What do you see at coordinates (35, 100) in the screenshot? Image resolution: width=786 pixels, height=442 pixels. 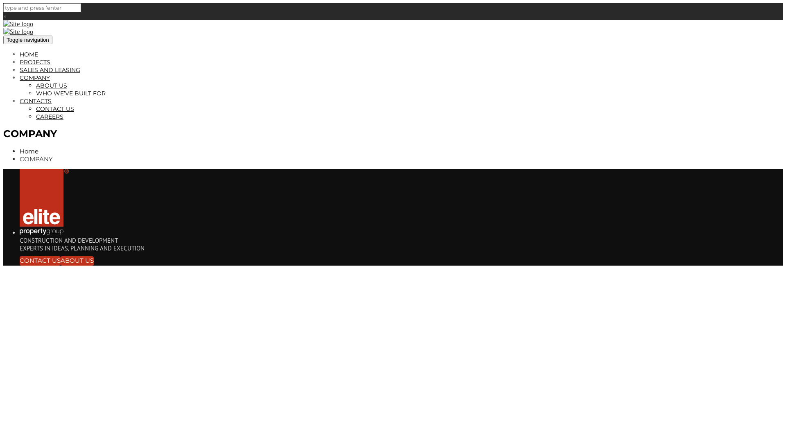 I see `'CONTACTS'` at bounding box center [35, 100].